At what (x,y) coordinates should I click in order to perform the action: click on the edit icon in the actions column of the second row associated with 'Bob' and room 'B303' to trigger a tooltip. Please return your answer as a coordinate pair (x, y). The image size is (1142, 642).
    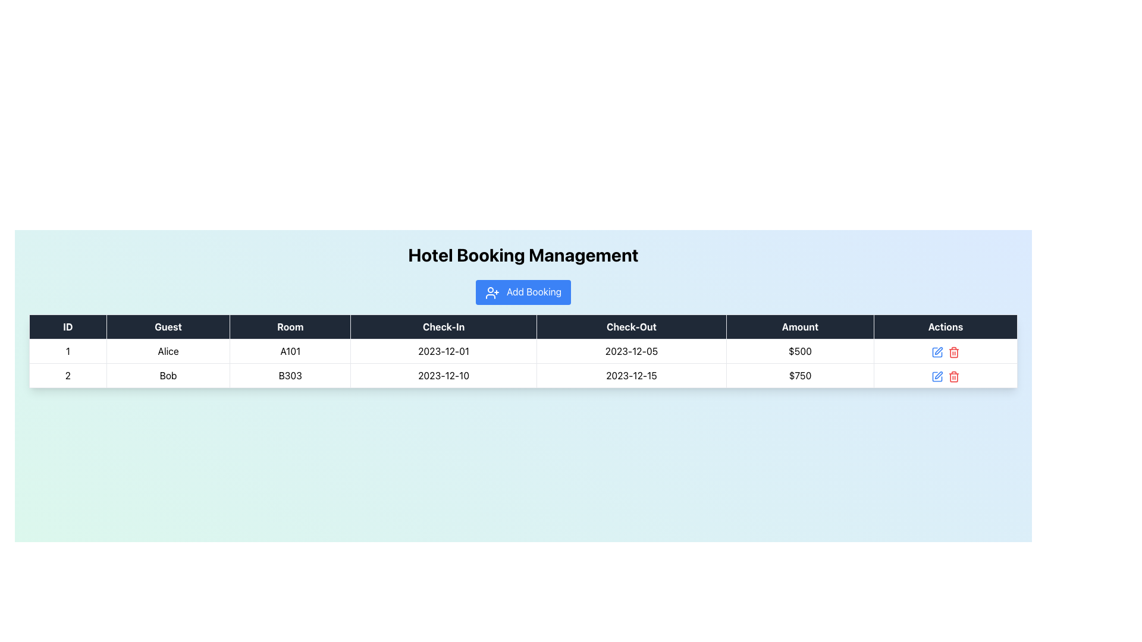
    Looking at the image, I should click on (938, 375).